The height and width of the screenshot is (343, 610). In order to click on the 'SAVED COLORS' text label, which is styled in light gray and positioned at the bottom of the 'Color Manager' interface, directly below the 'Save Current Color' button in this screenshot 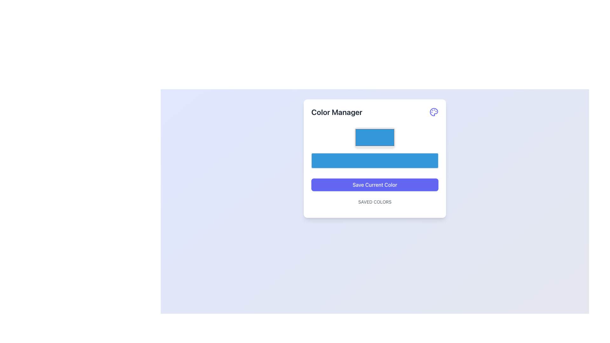, I will do `click(375, 202)`.